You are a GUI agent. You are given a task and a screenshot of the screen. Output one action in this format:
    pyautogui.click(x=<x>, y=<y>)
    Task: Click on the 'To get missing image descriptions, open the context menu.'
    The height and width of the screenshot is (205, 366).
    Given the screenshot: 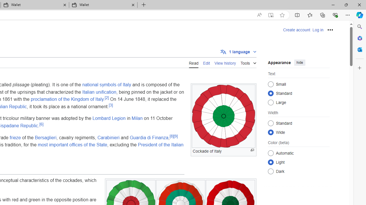 What is the action you would take?
    pyautogui.click(x=223, y=116)
    